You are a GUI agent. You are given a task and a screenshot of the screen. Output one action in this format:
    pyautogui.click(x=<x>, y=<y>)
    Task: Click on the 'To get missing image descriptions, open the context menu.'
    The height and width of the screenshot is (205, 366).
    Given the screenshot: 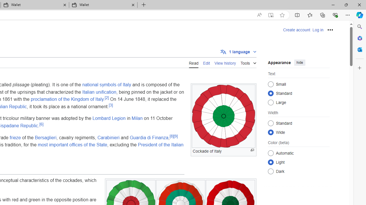 What is the action you would take?
    pyautogui.click(x=223, y=116)
    